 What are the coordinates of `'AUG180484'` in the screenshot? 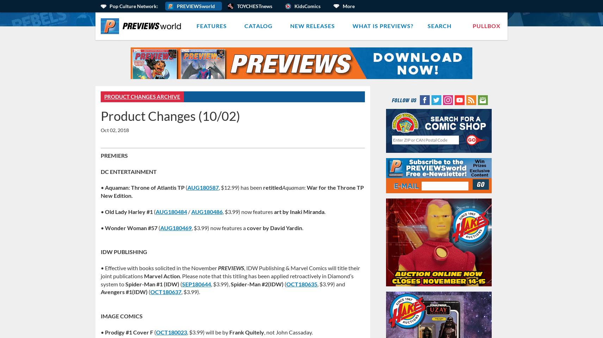 It's located at (171, 211).